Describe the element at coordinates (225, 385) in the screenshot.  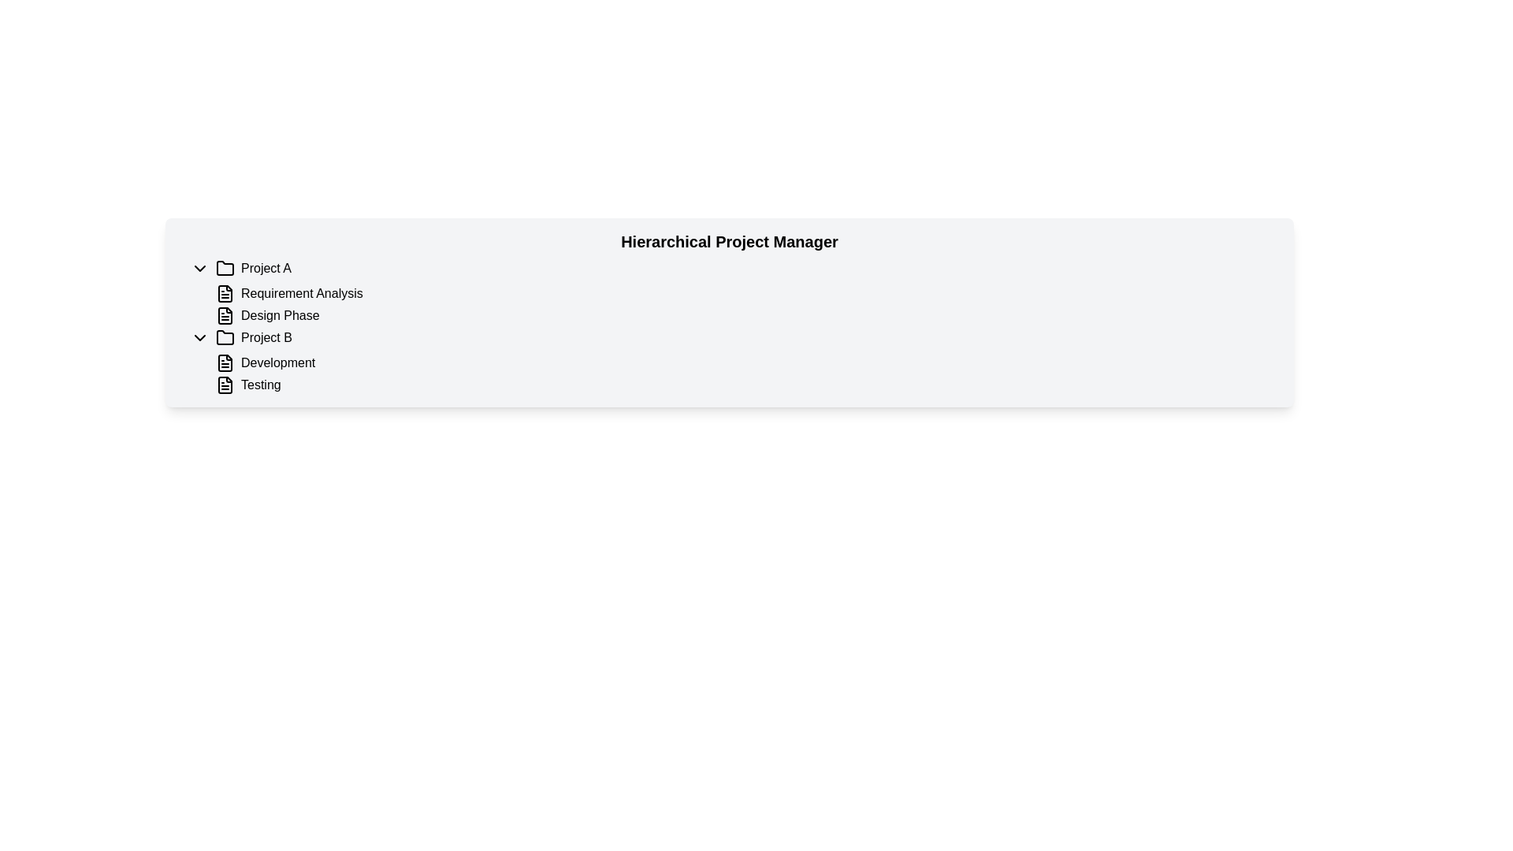
I see `the document icon, which is red and has a folded corner, located to the left of the 'Testing' label in 'Project B'` at that location.